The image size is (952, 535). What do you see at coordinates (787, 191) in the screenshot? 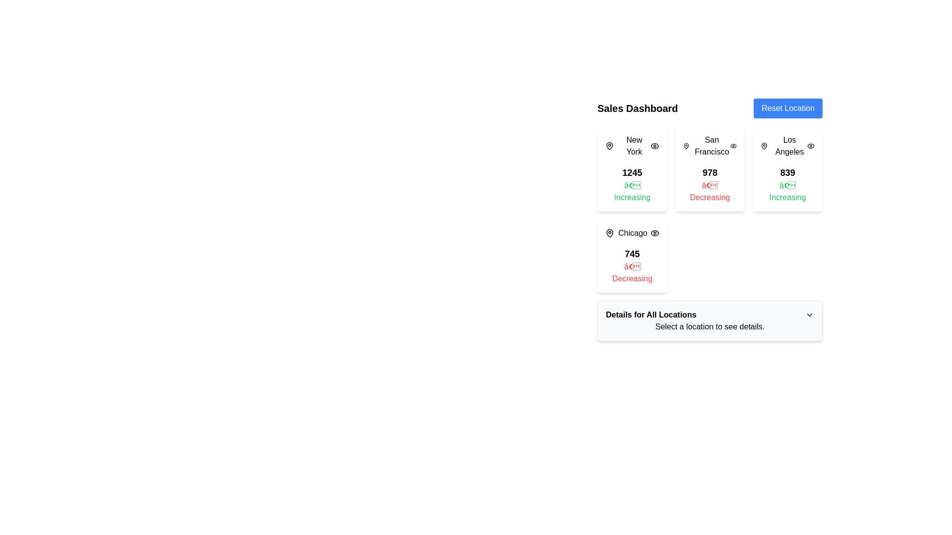
I see `text label indicating a positive trend below the number '839' in the 'Los Angeles' card located in the top-right corner of the dashboard` at bounding box center [787, 191].